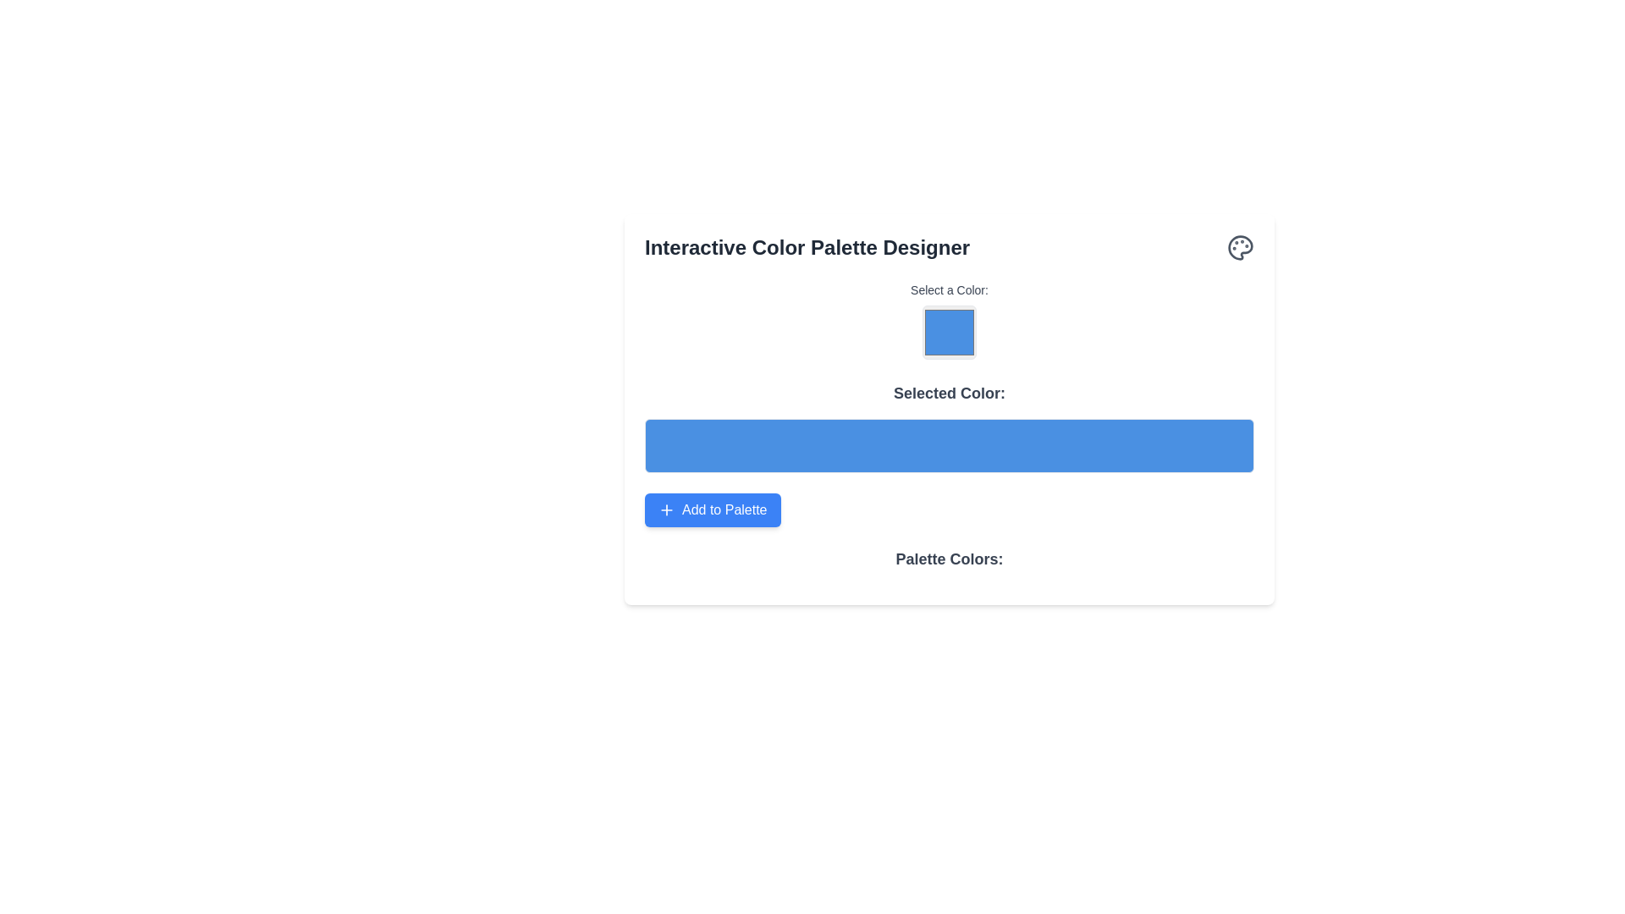 The height and width of the screenshot is (914, 1625). I want to click on the 'Interactive Color Palette Designer' text element, which is styled with bold, large, dark gray typography and accompanied by a palette icon, to trigger potential styling effects, so click(950, 248).